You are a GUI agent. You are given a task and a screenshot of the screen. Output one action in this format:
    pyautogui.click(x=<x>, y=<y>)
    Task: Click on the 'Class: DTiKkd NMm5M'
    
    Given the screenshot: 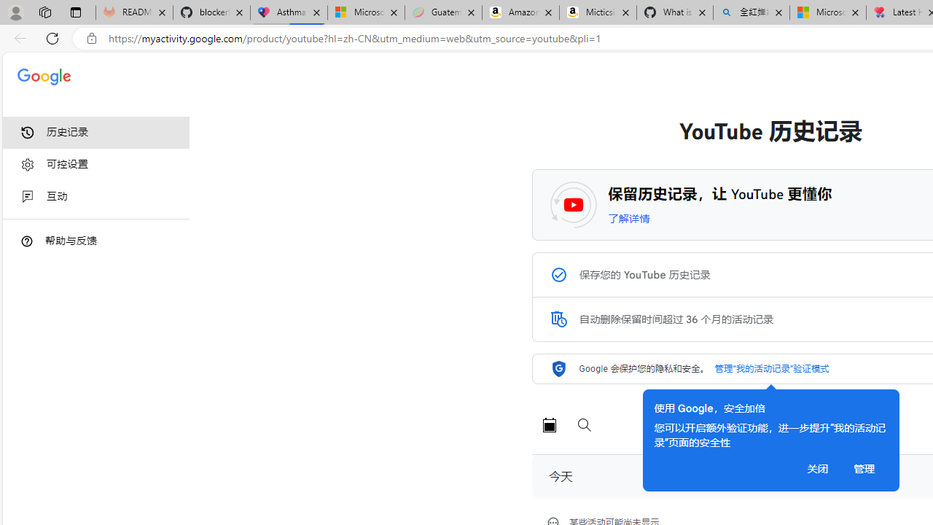 What is the action you would take?
    pyautogui.click(x=27, y=240)
    